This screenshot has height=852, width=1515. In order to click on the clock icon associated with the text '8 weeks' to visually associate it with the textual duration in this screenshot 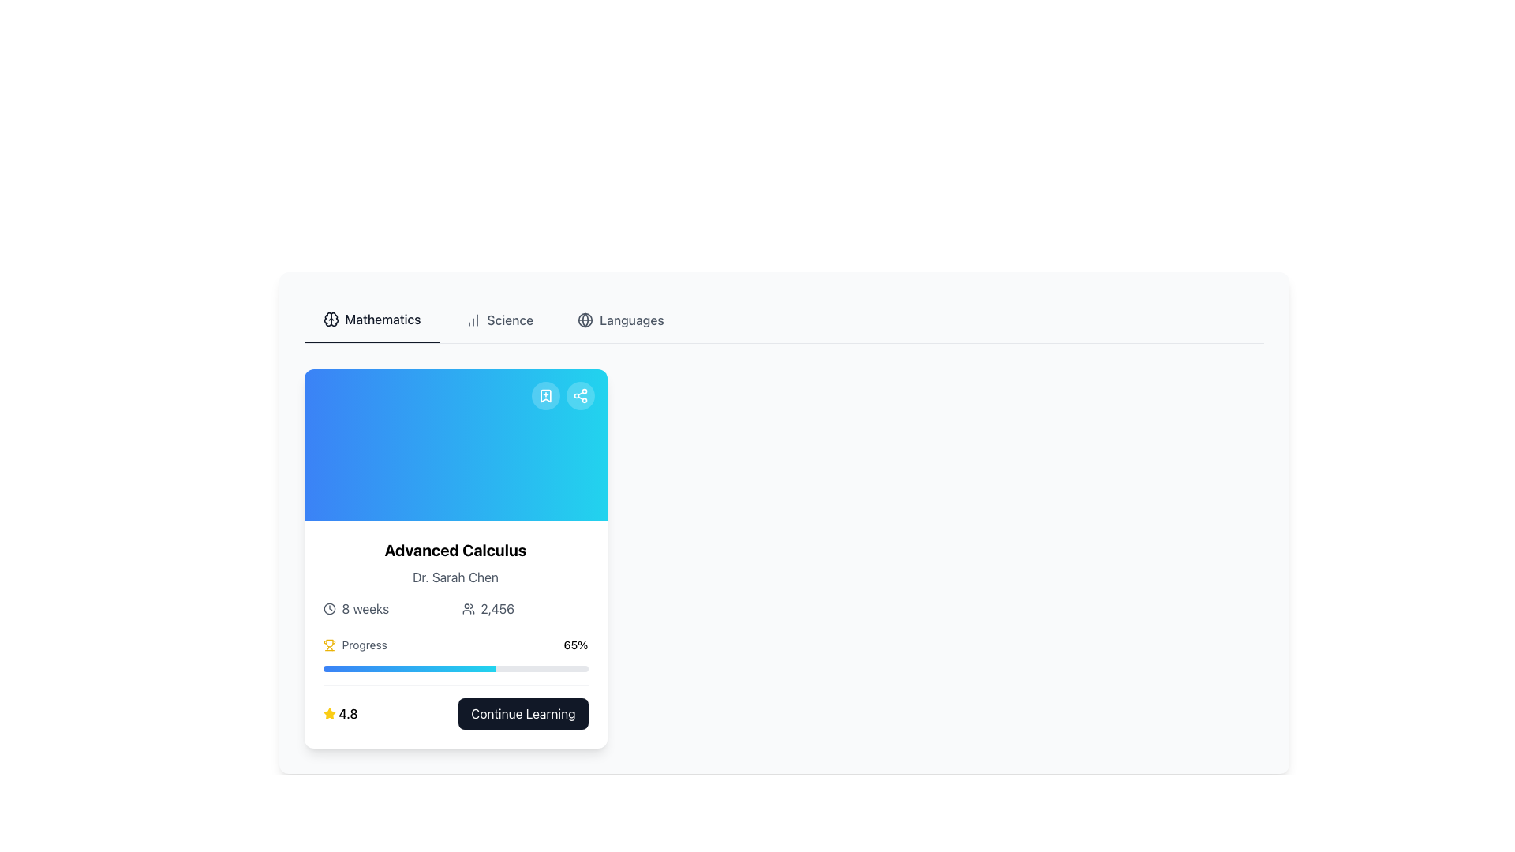, I will do `click(386, 607)`.